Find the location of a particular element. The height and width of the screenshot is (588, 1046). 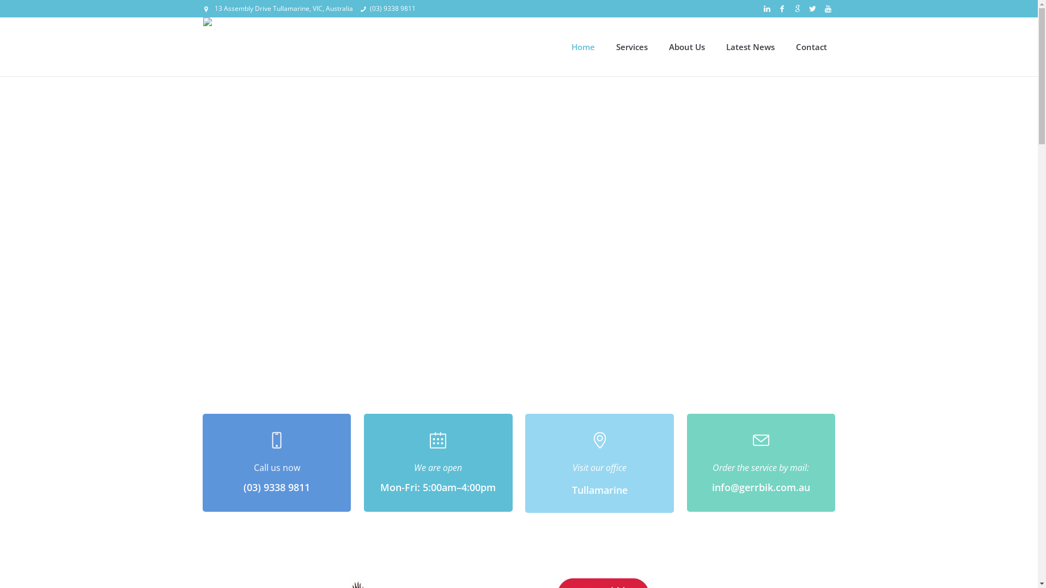

'Twitter' is located at coordinates (813, 8).